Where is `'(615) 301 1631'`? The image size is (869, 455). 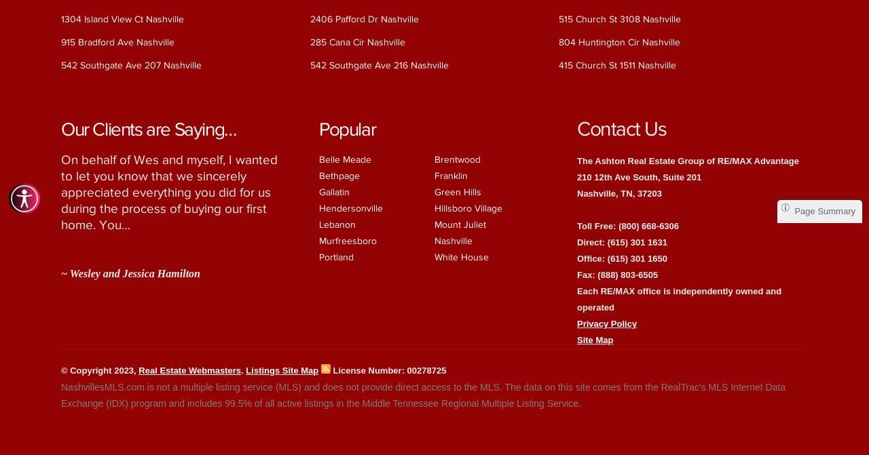 '(615) 301 1631' is located at coordinates (635, 241).